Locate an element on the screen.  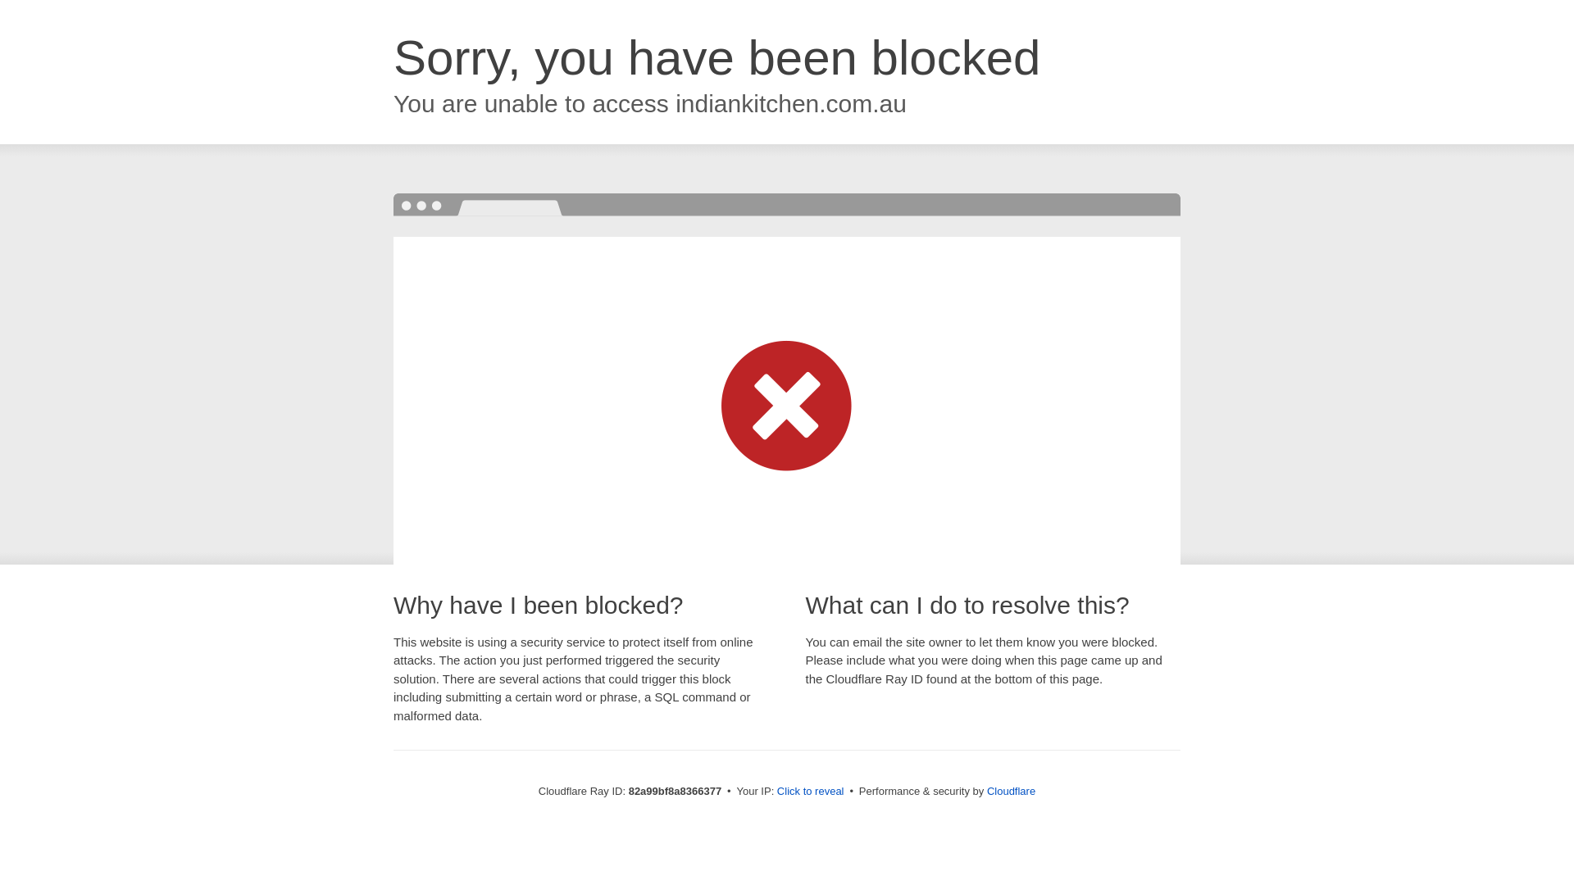
'Click to reveal' is located at coordinates (810, 790).